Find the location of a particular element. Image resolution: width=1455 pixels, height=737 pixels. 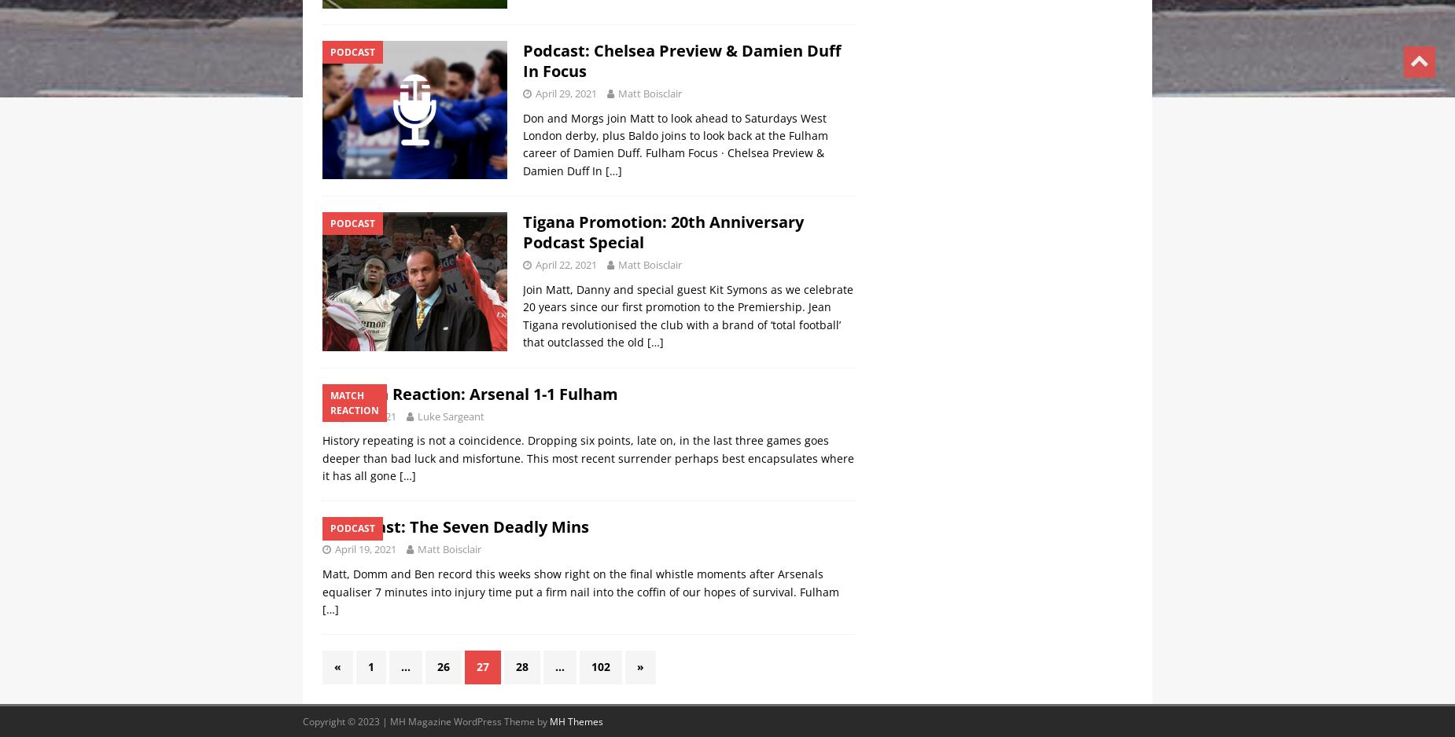

'Podcast: Chelsea Preview & Damien Duff In Focus' is located at coordinates (681, 60).